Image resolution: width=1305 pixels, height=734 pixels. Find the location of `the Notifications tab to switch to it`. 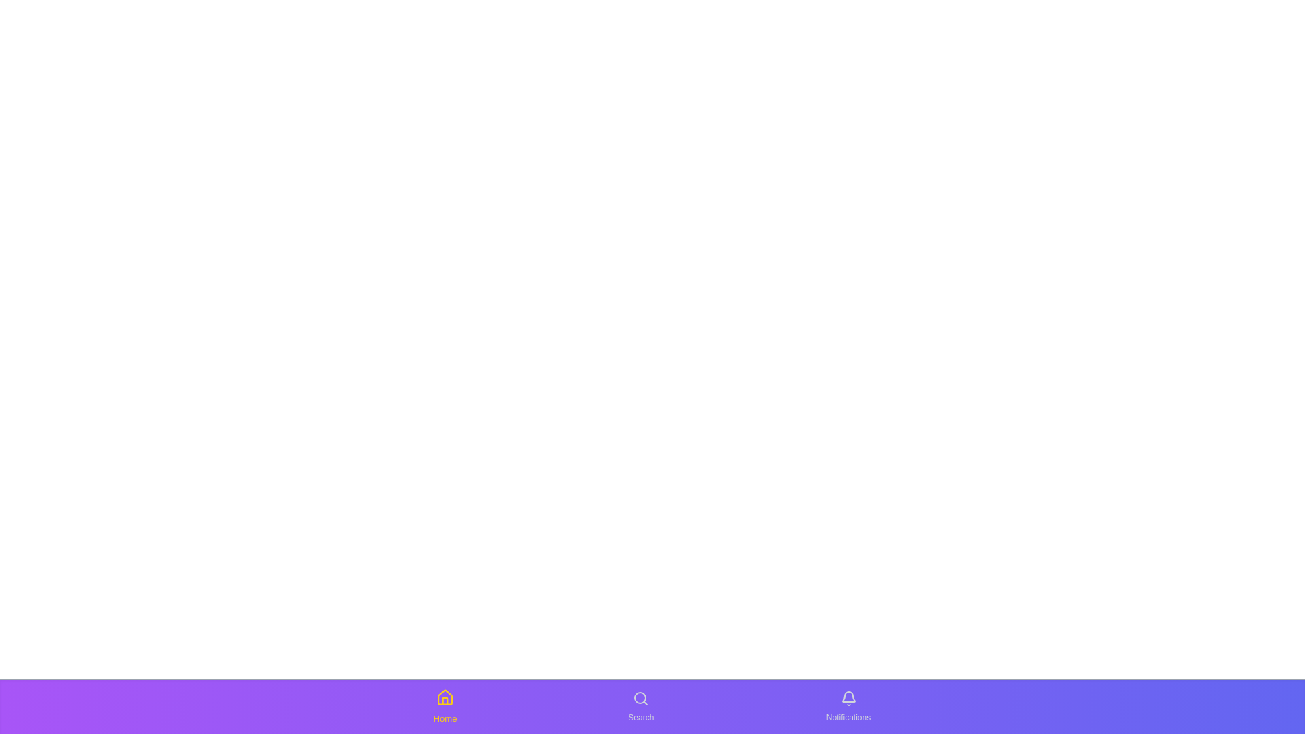

the Notifications tab to switch to it is located at coordinates (848, 706).